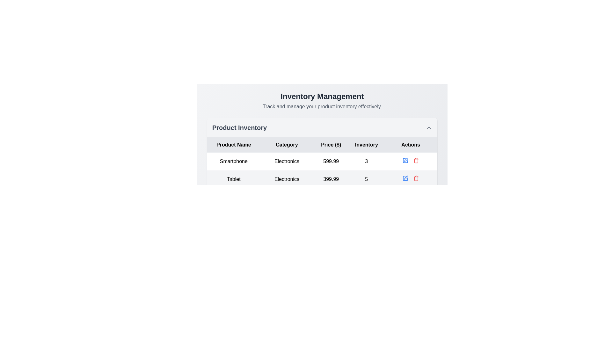 The height and width of the screenshot is (344, 612). I want to click on the plain black number '5' text label in the 'Inventory' column of the second row of the product table for the 'Tablet' product, so click(366, 179).